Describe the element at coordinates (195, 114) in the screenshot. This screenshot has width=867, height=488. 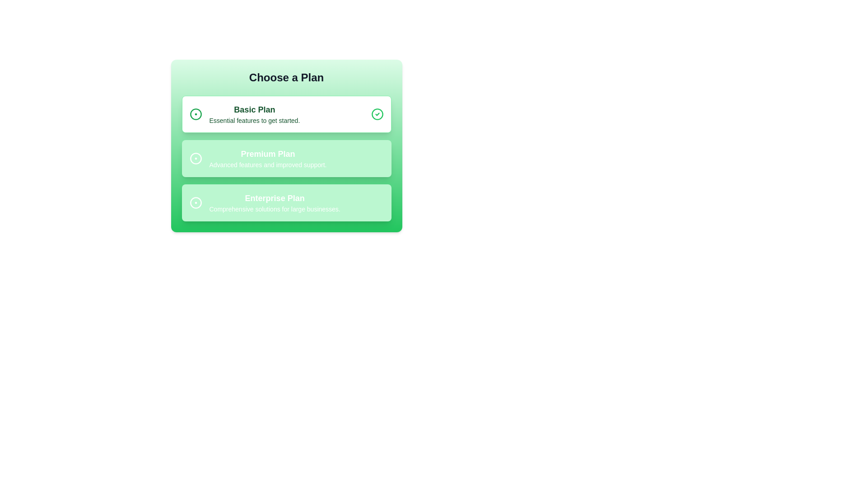
I see `the state of the larger concentric circle representing the selection for the 'Basic Plan' option in the 'Choose a Plan' section` at that location.